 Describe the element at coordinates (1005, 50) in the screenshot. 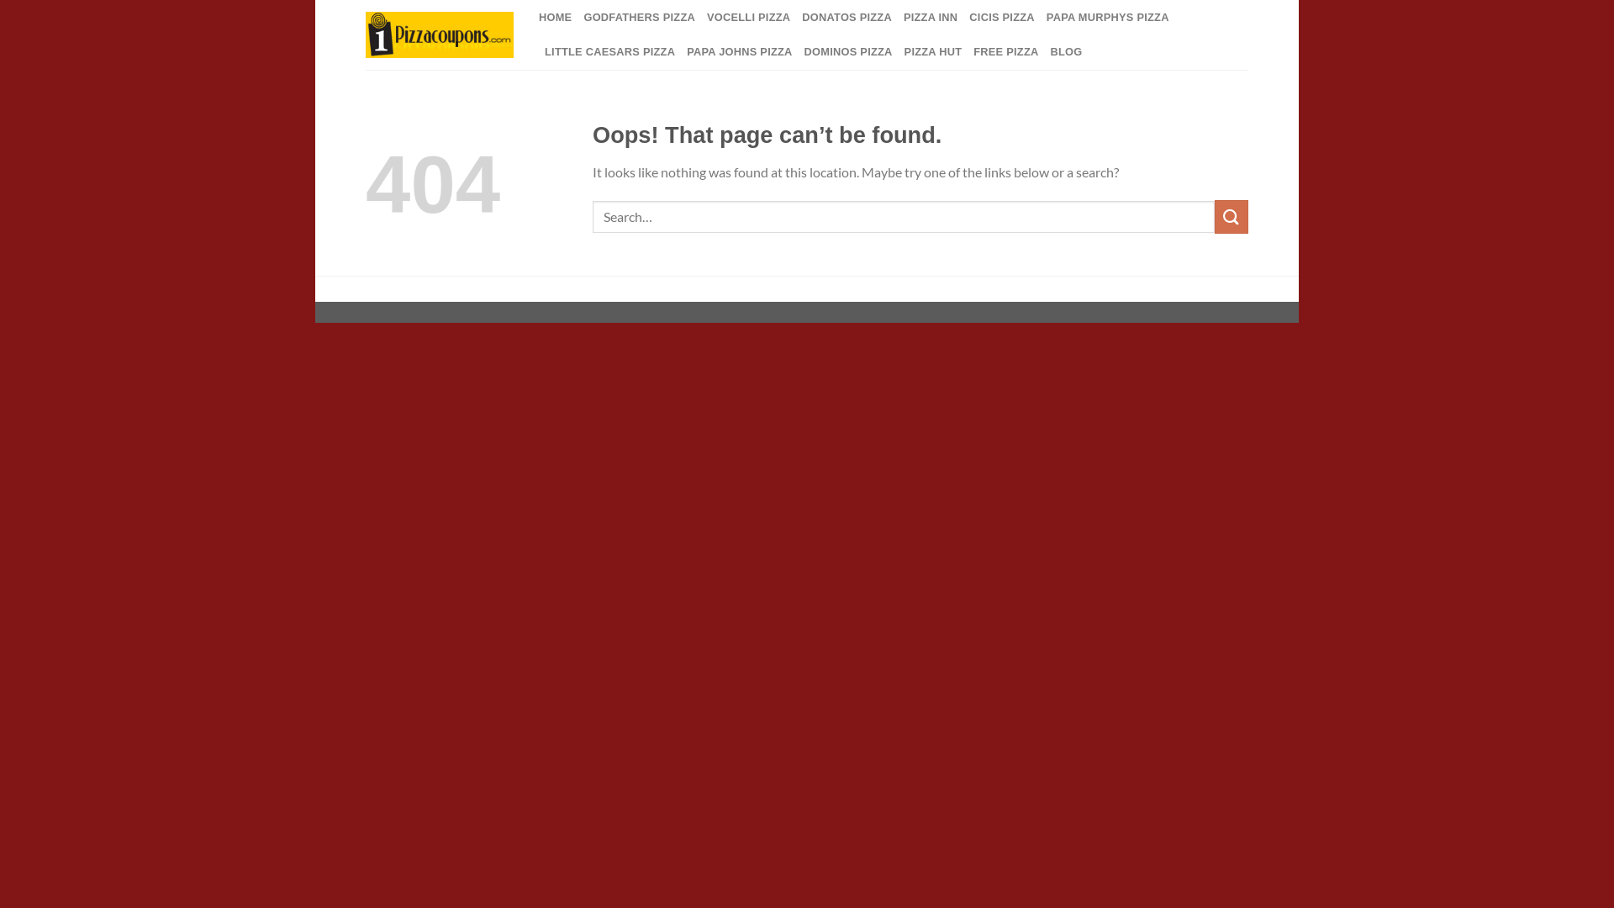

I see `'FREE PIZZA'` at that location.